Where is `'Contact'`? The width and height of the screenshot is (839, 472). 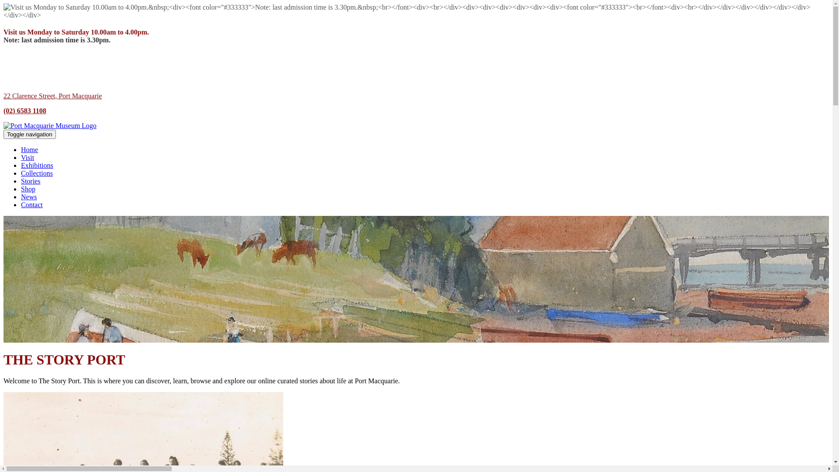 'Contact' is located at coordinates (31, 205).